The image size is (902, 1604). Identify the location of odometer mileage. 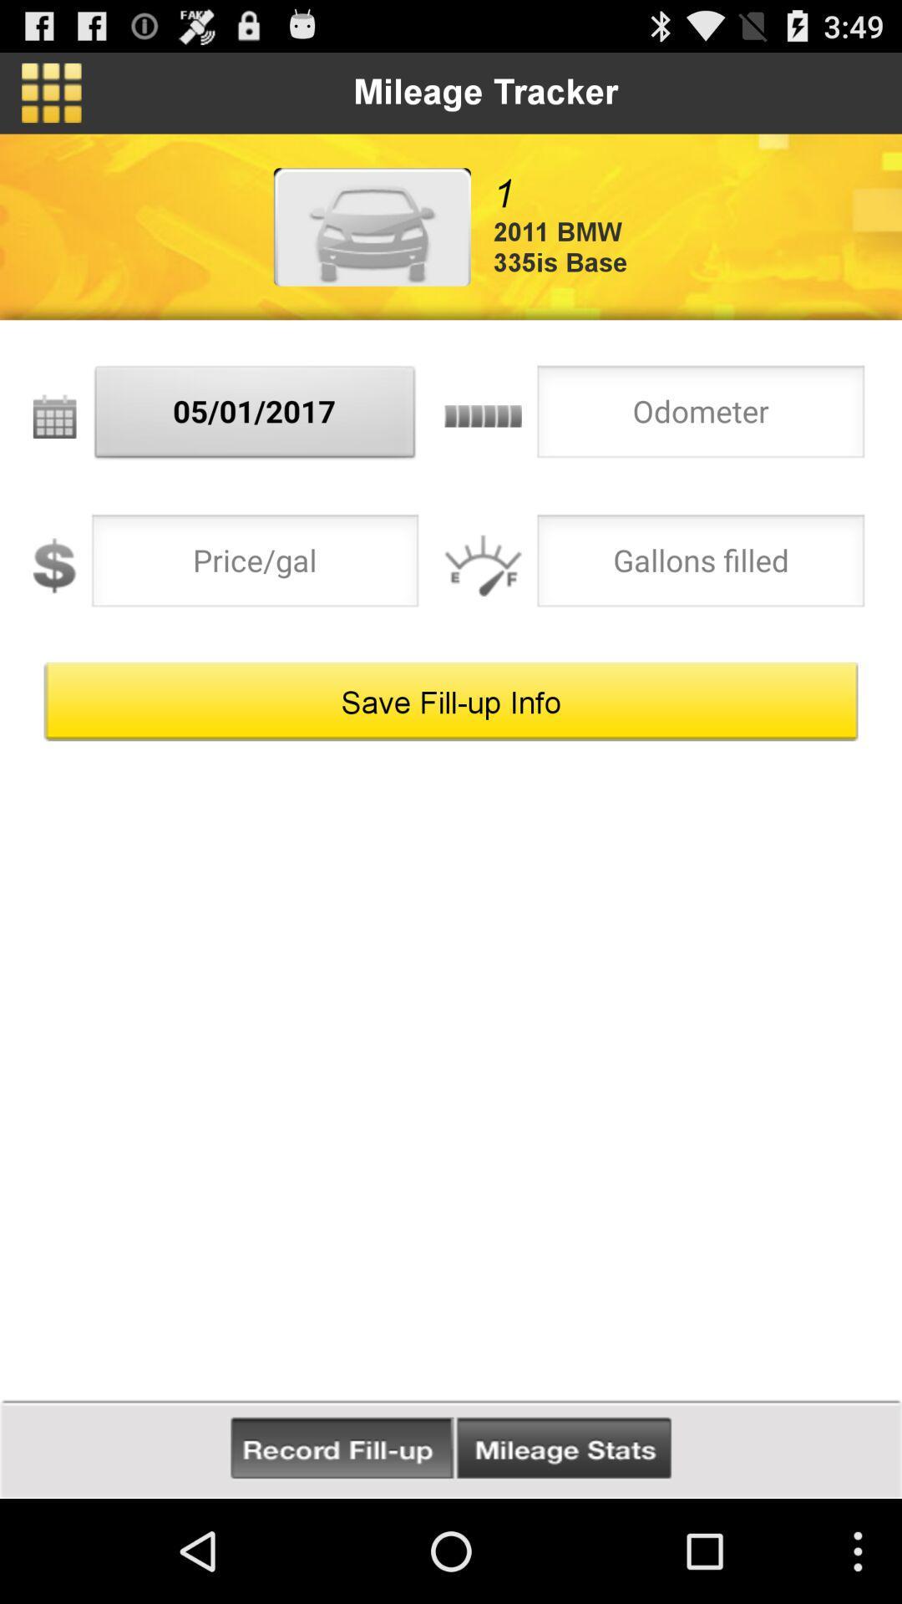
(701, 416).